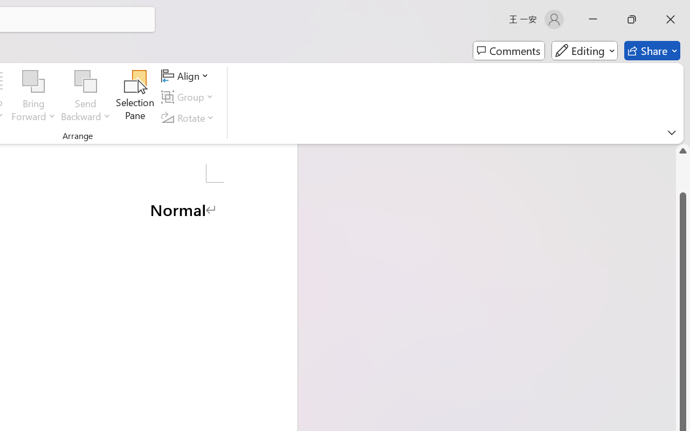 The height and width of the screenshot is (431, 690). Describe the element at coordinates (33, 81) in the screenshot. I see `'Bring Forward'` at that location.